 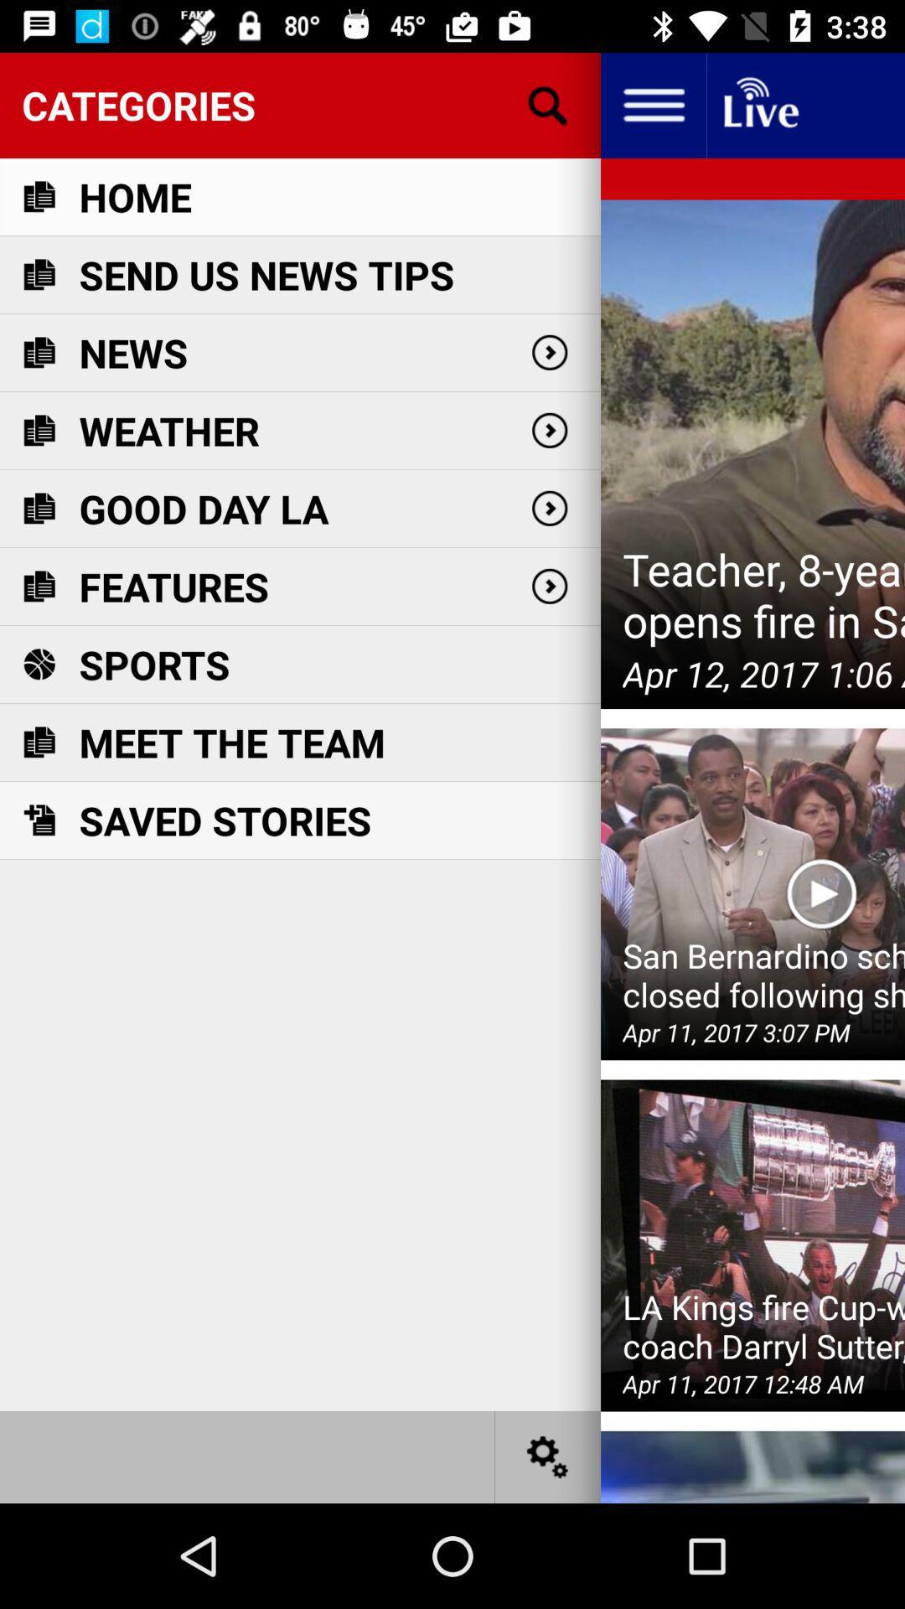 What do you see at coordinates (173, 587) in the screenshot?
I see `icon above sports icon` at bounding box center [173, 587].